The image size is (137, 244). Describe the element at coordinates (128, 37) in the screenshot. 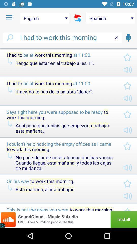

I see `the microphone icon` at that location.